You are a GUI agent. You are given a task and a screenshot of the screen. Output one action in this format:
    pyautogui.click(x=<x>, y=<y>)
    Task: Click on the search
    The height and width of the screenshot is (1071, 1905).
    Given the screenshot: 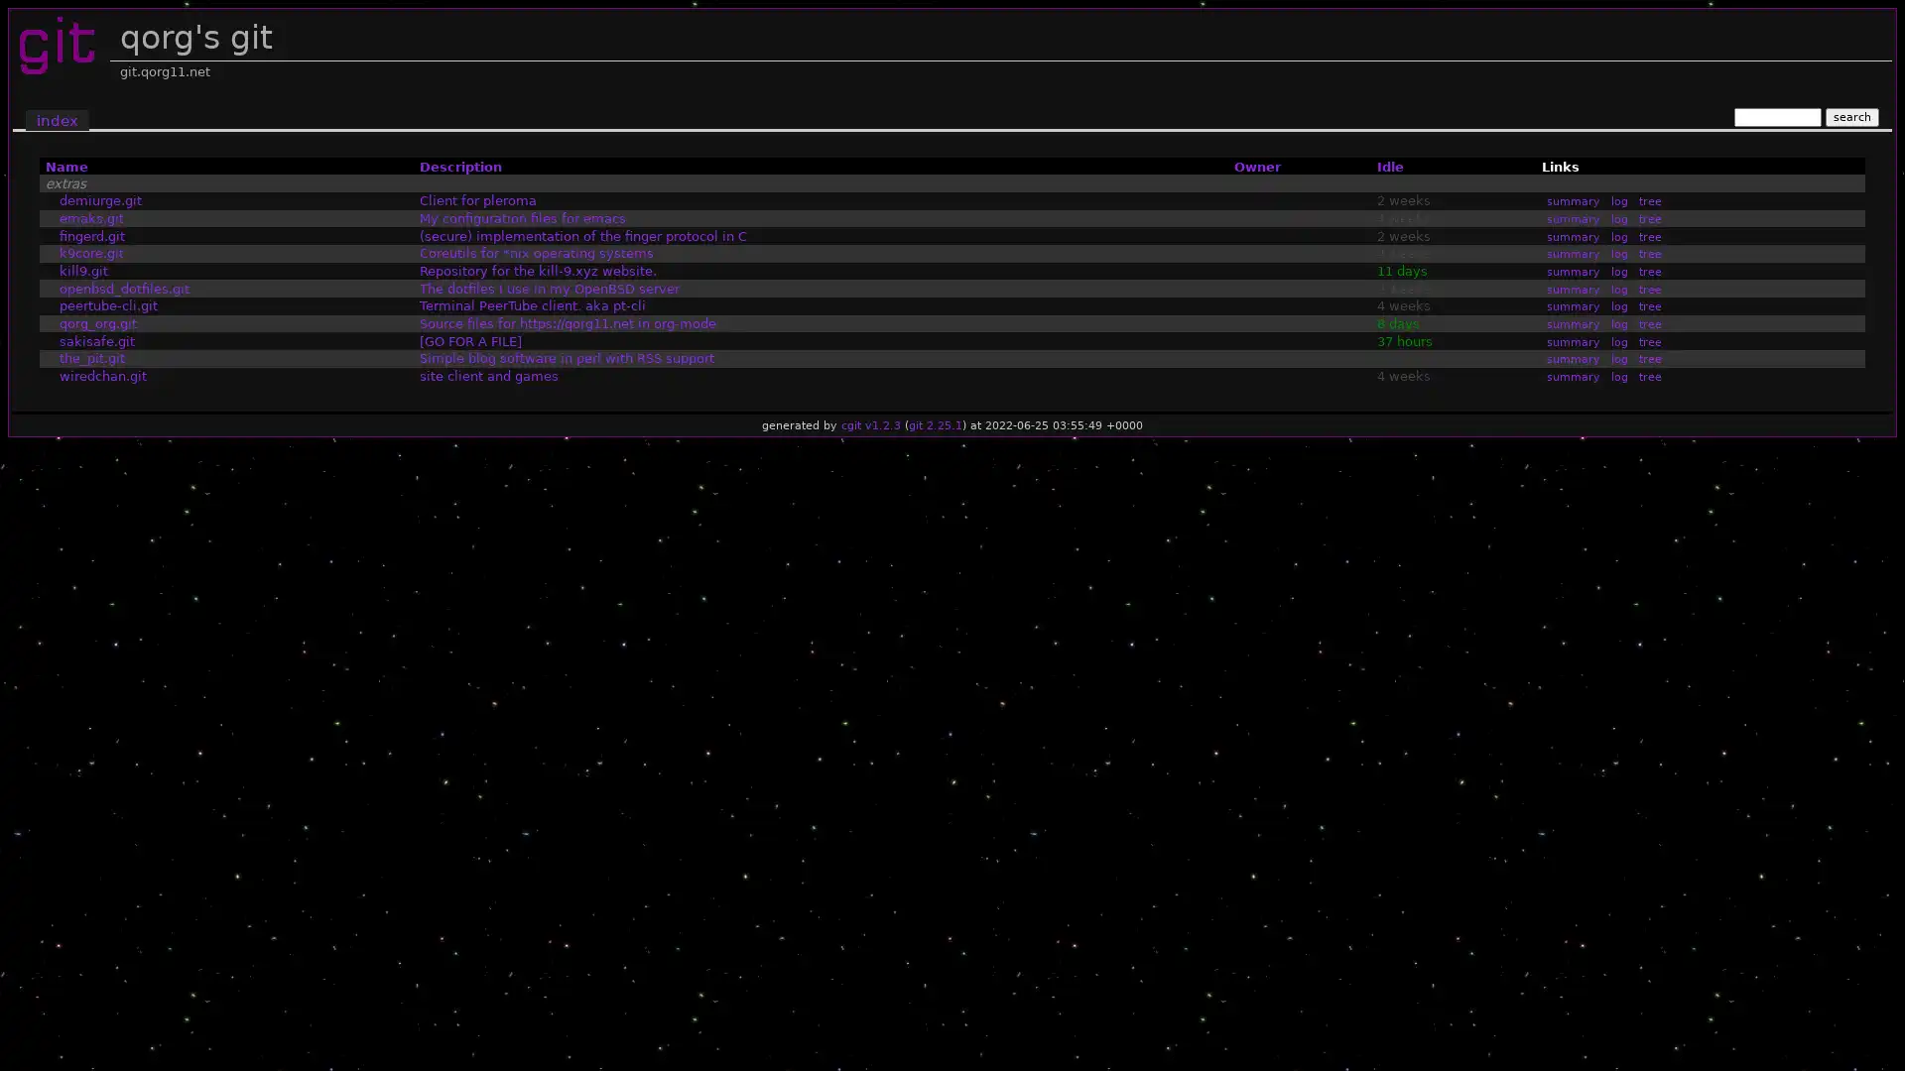 What is the action you would take?
    pyautogui.click(x=1850, y=116)
    